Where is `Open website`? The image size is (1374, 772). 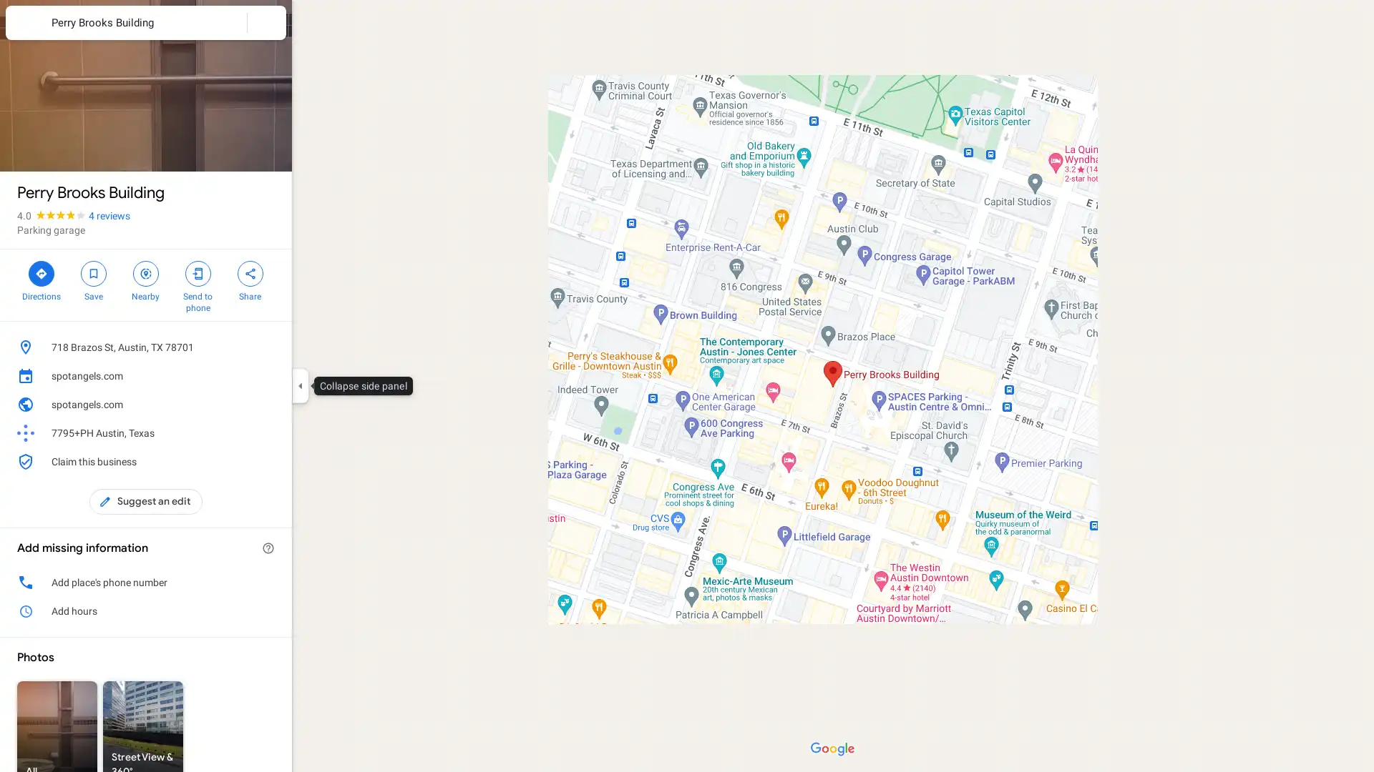 Open website is located at coordinates (246, 405).